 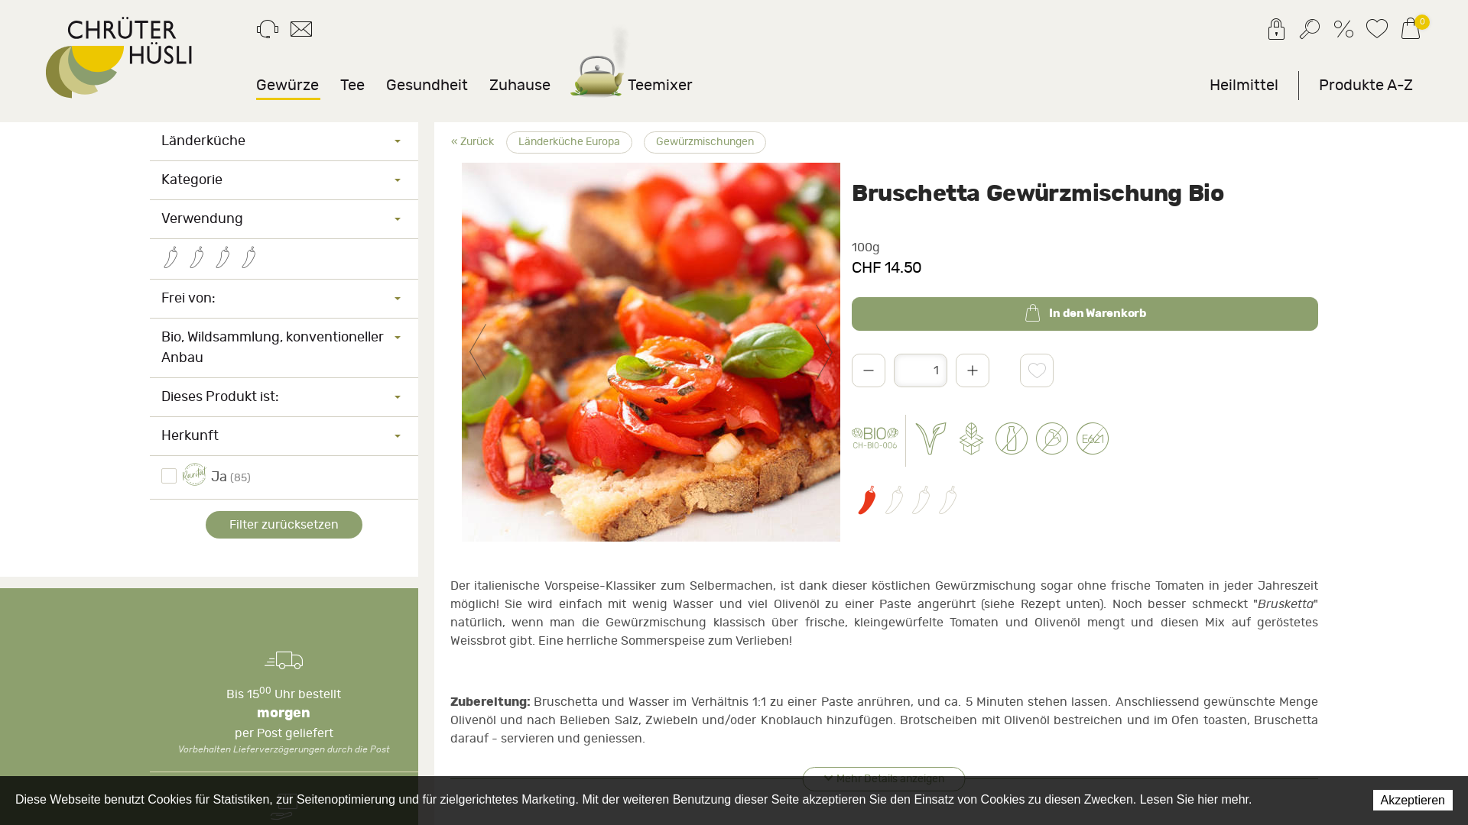 What do you see at coordinates (1412, 799) in the screenshot?
I see `'Akzeptieren'` at bounding box center [1412, 799].